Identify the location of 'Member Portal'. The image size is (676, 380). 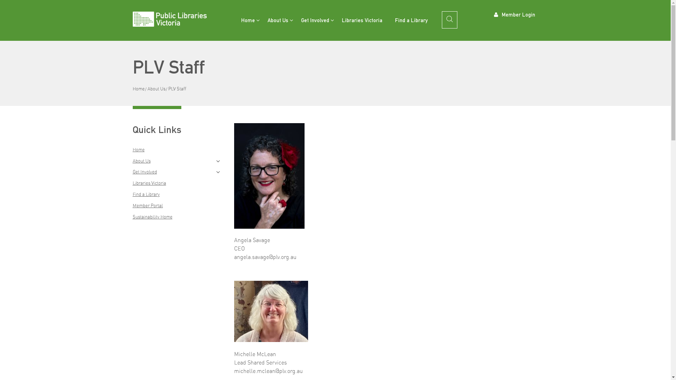
(147, 205).